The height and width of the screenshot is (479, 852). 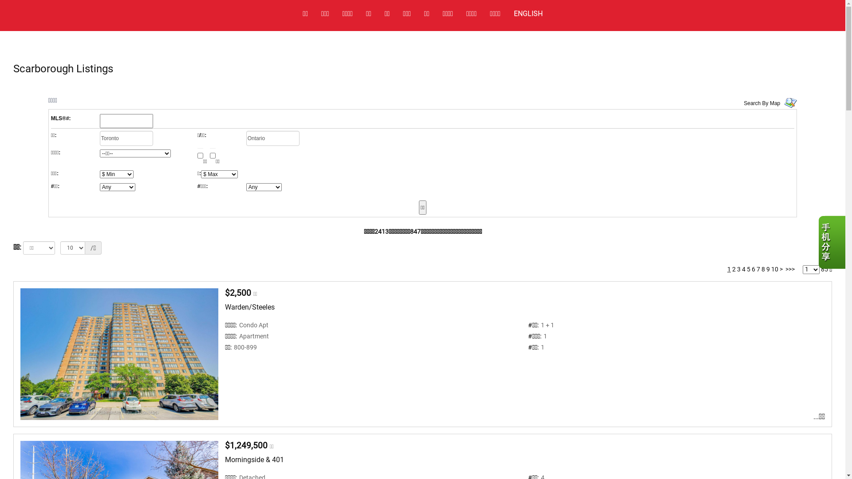 I want to click on '3', so click(x=739, y=268).